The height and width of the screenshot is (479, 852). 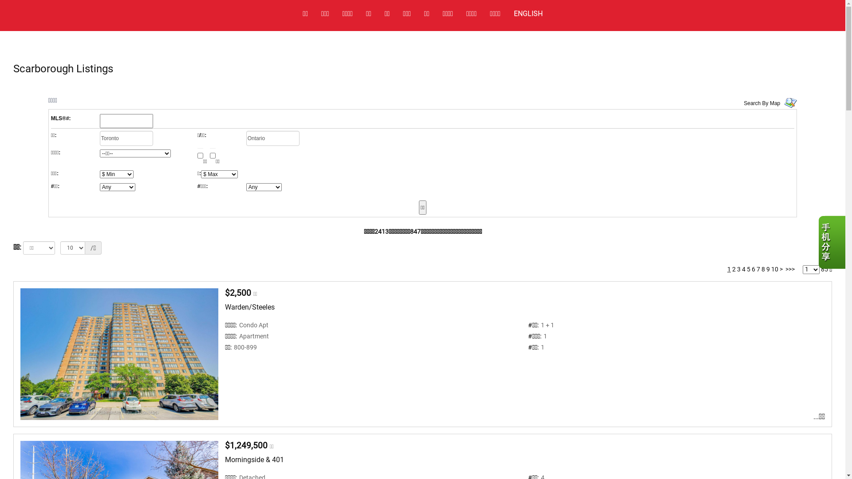 I want to click on '3', so click(x=739, y=268).